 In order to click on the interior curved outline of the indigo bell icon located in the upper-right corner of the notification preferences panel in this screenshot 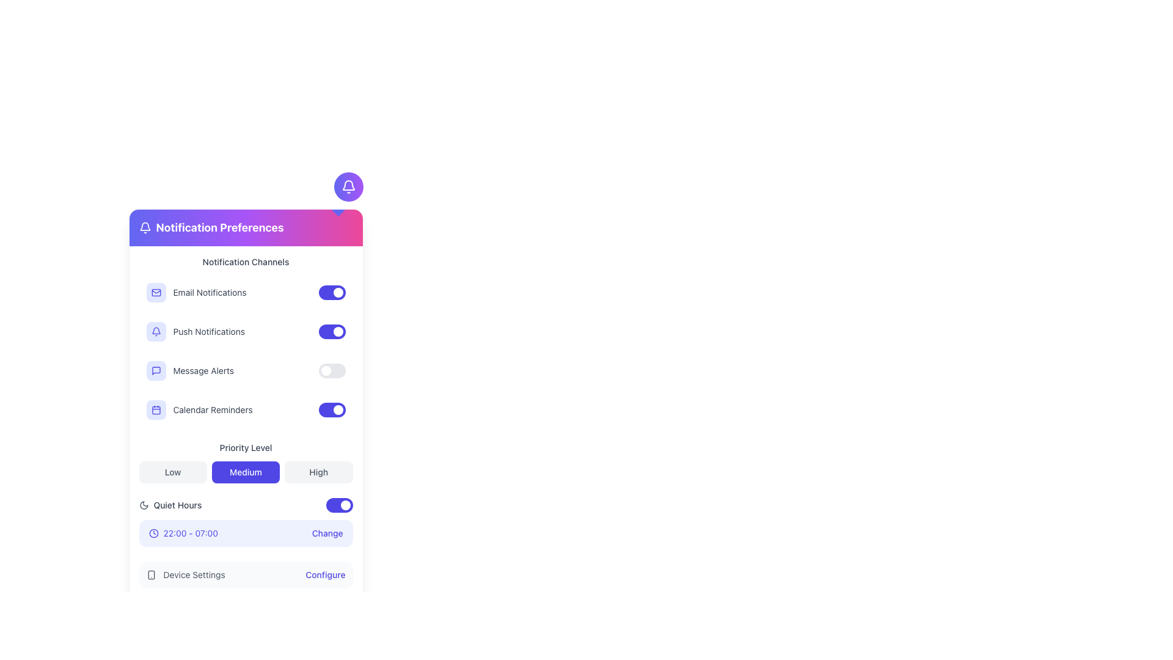, I will do `click(155, 331)`.